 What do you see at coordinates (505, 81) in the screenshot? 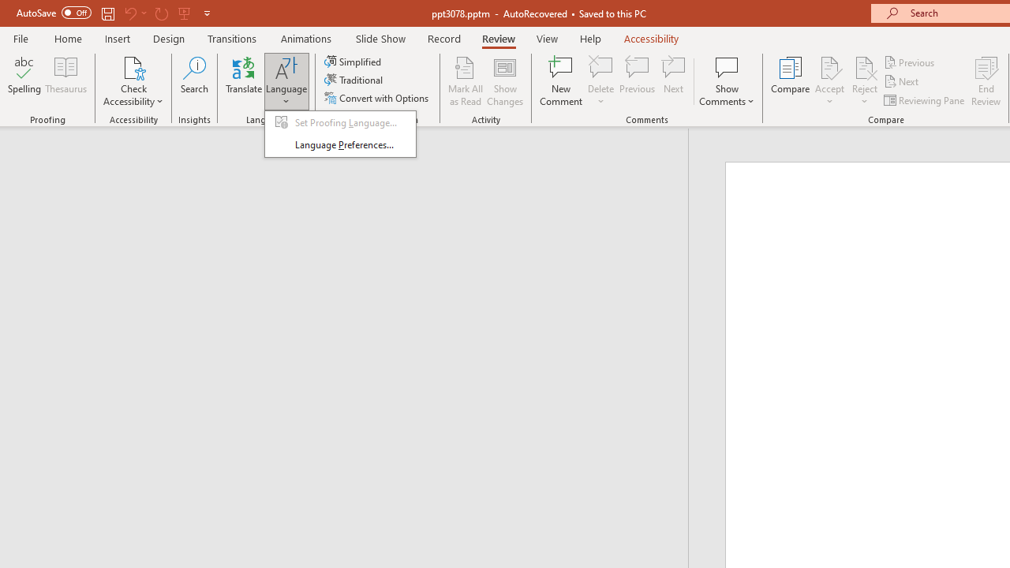
I see `'Show Changes'` at bounding box center [505, 81].